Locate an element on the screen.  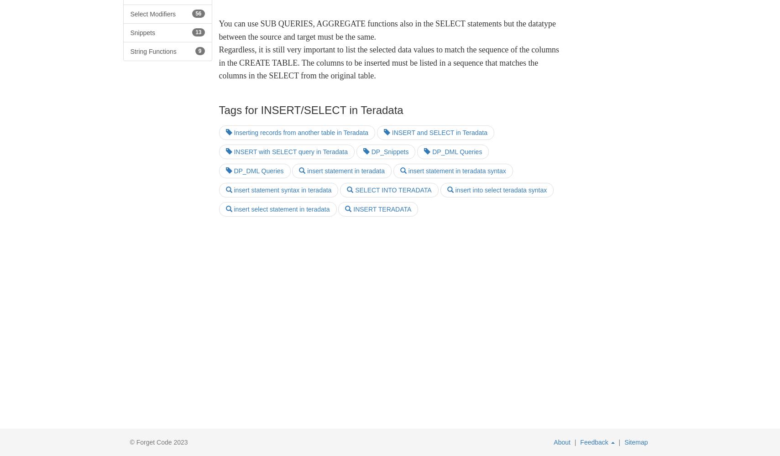
'© Forget Code 2023' is located at coordinates (158, 442).